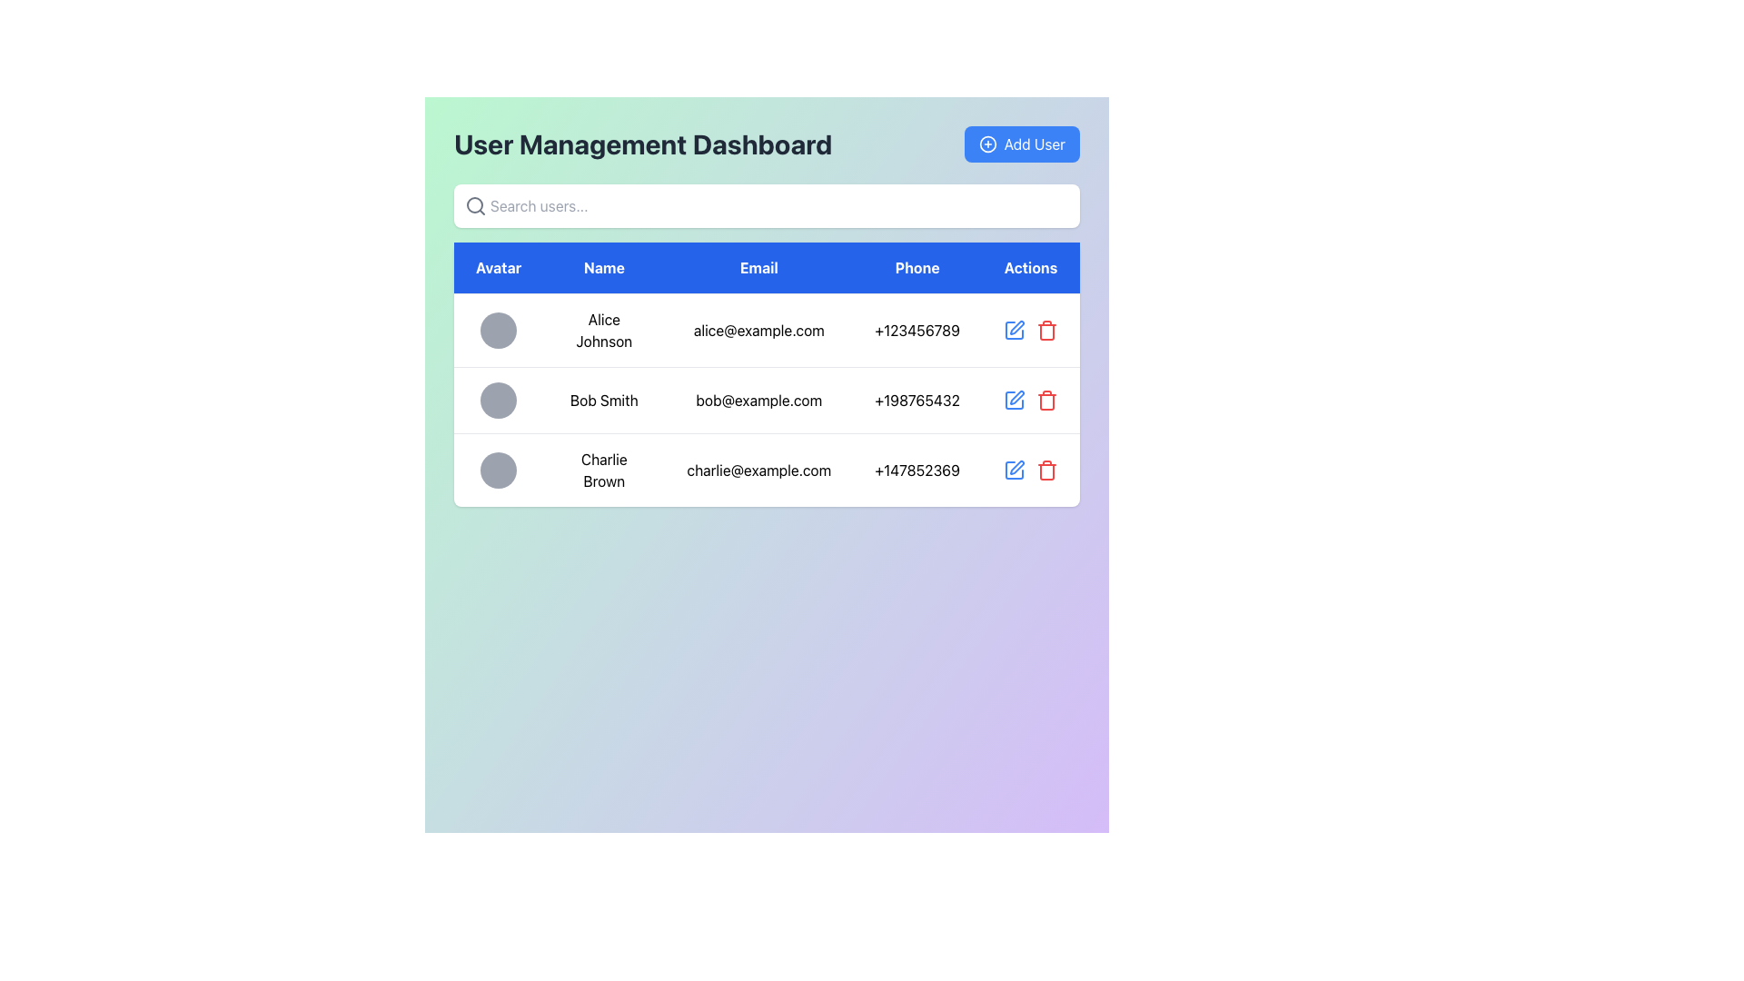 The image size is (1744, 981). What do you see at coordinates (1016, 467) in the screenshot?
I see `the small pen icon representing editing functionality, located in the 'Actions' column aligned with Charlie Brown's row` at bounding box center [1016, 467].